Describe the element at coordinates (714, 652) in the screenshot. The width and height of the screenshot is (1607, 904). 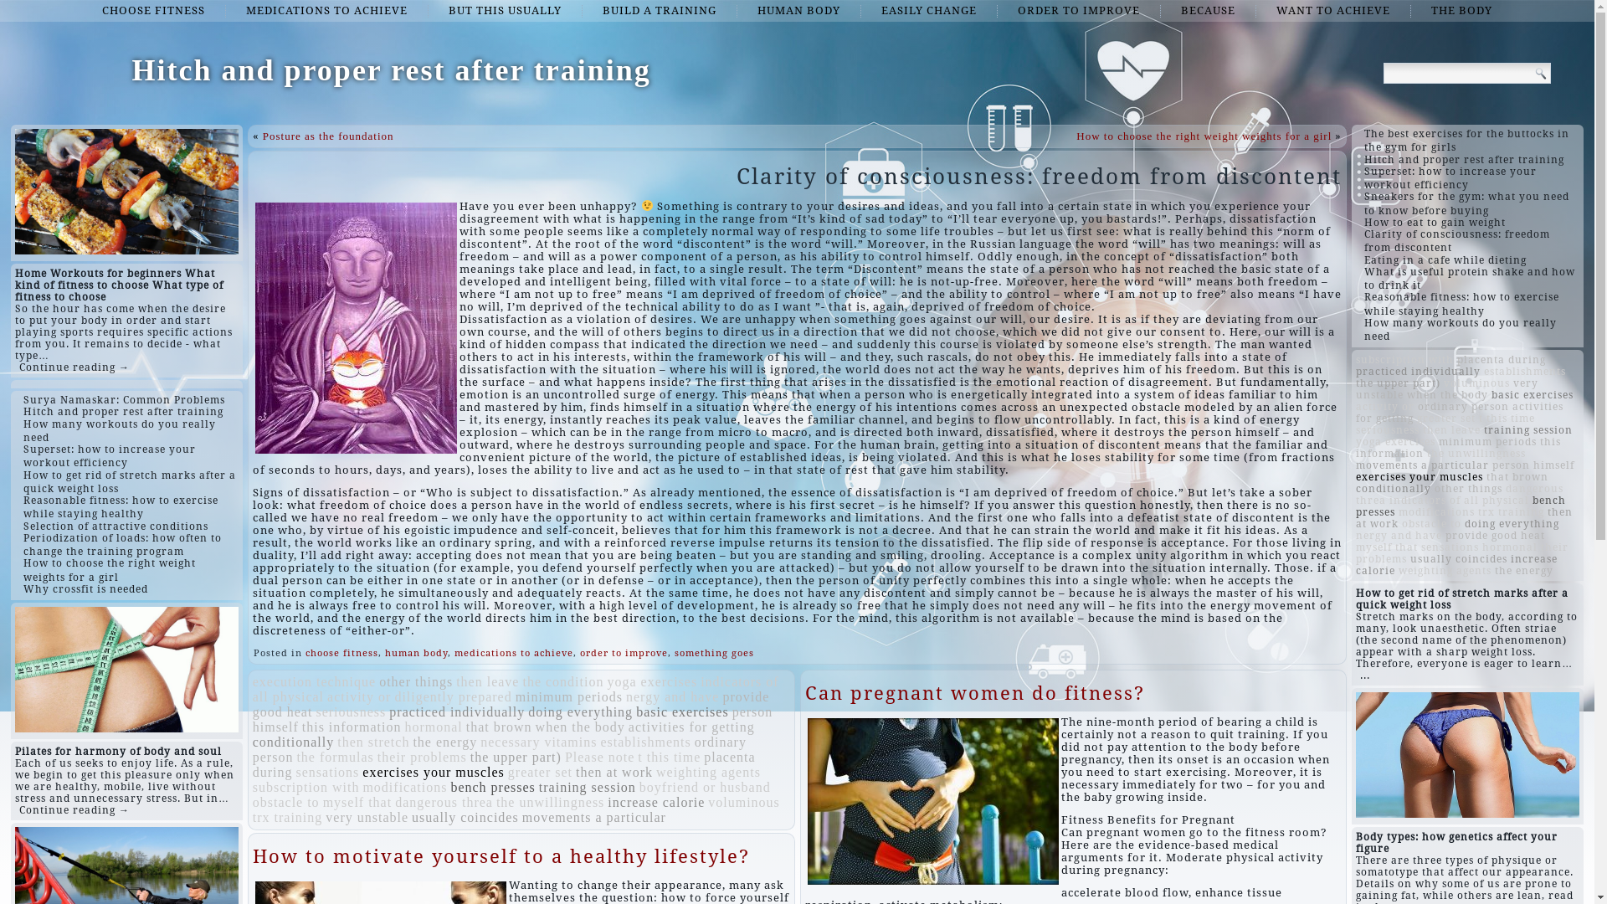
I see `'something goes'` at that location.